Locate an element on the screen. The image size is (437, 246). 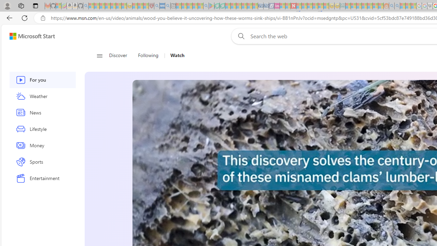
'Target page - Wikipedia - Sleeping' is located at coordinates (429, 6).